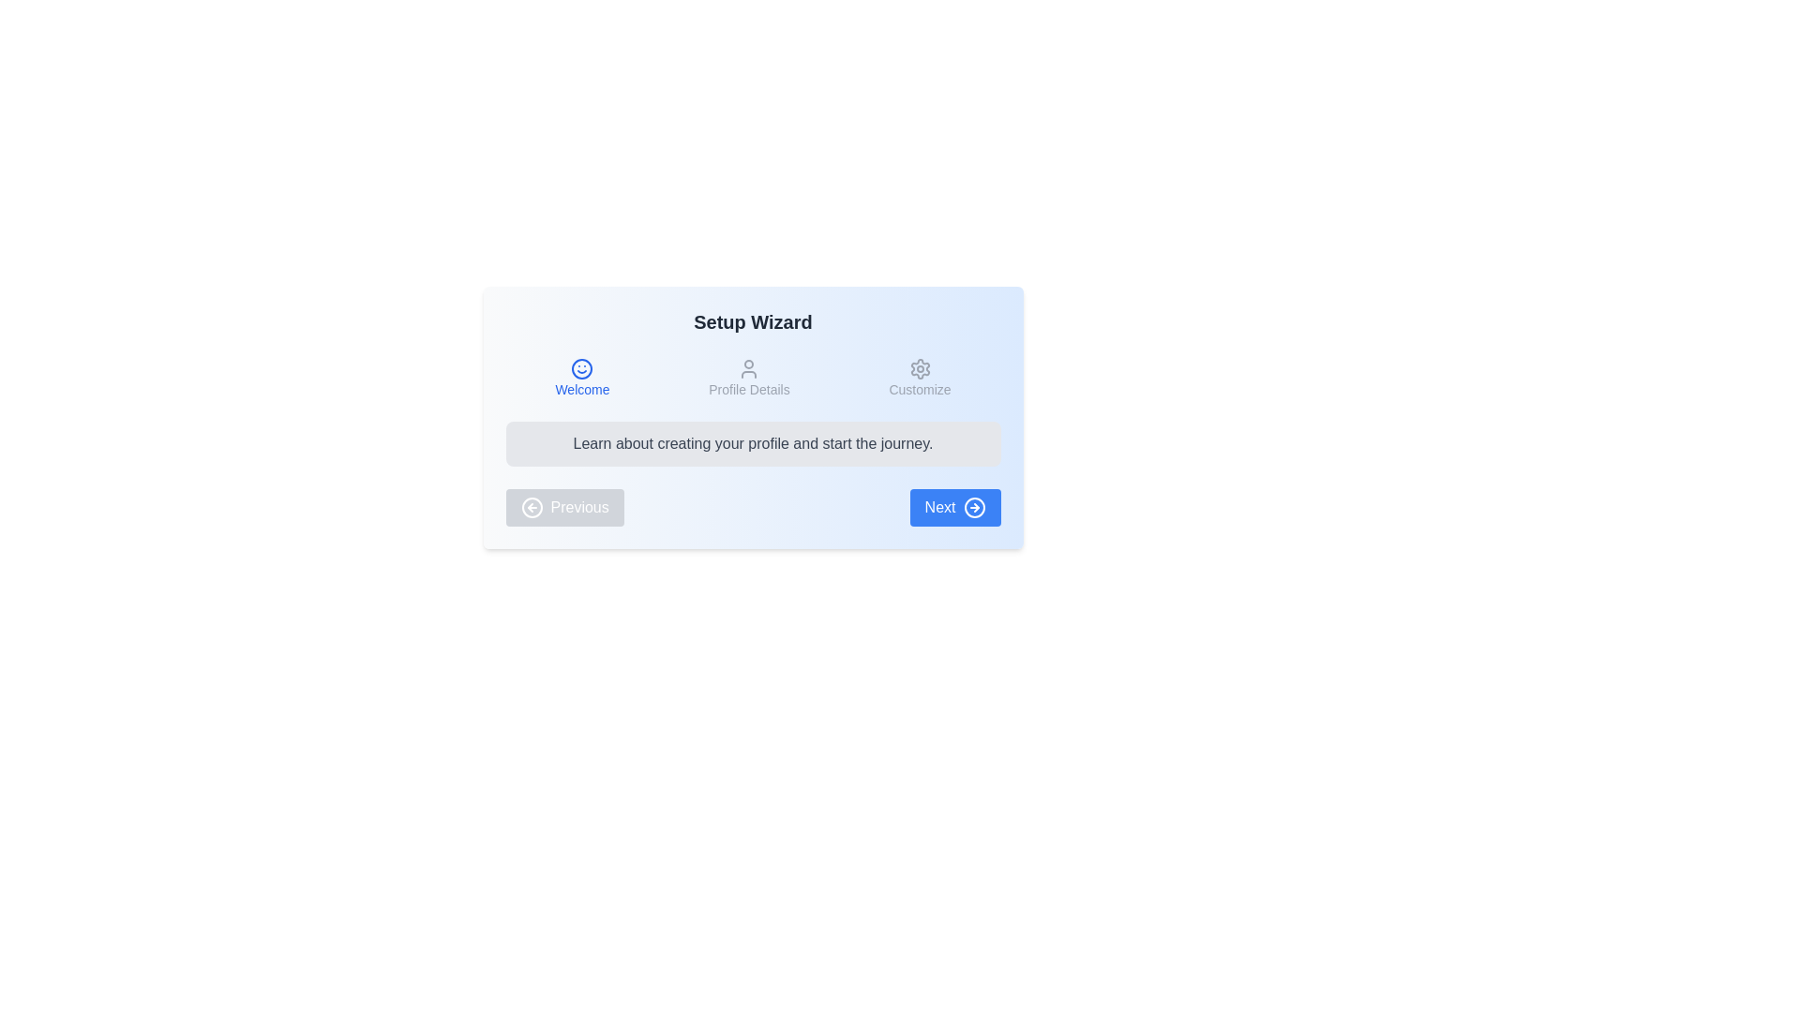  What do you see at coordinates (974, 508) in the screenshot?
I see `the SVG circle element that forms part of the 'Next' button, which is located towards the lower right of the layout and serves as the circular background of the arrow icon` at bounding box center [974, 508].